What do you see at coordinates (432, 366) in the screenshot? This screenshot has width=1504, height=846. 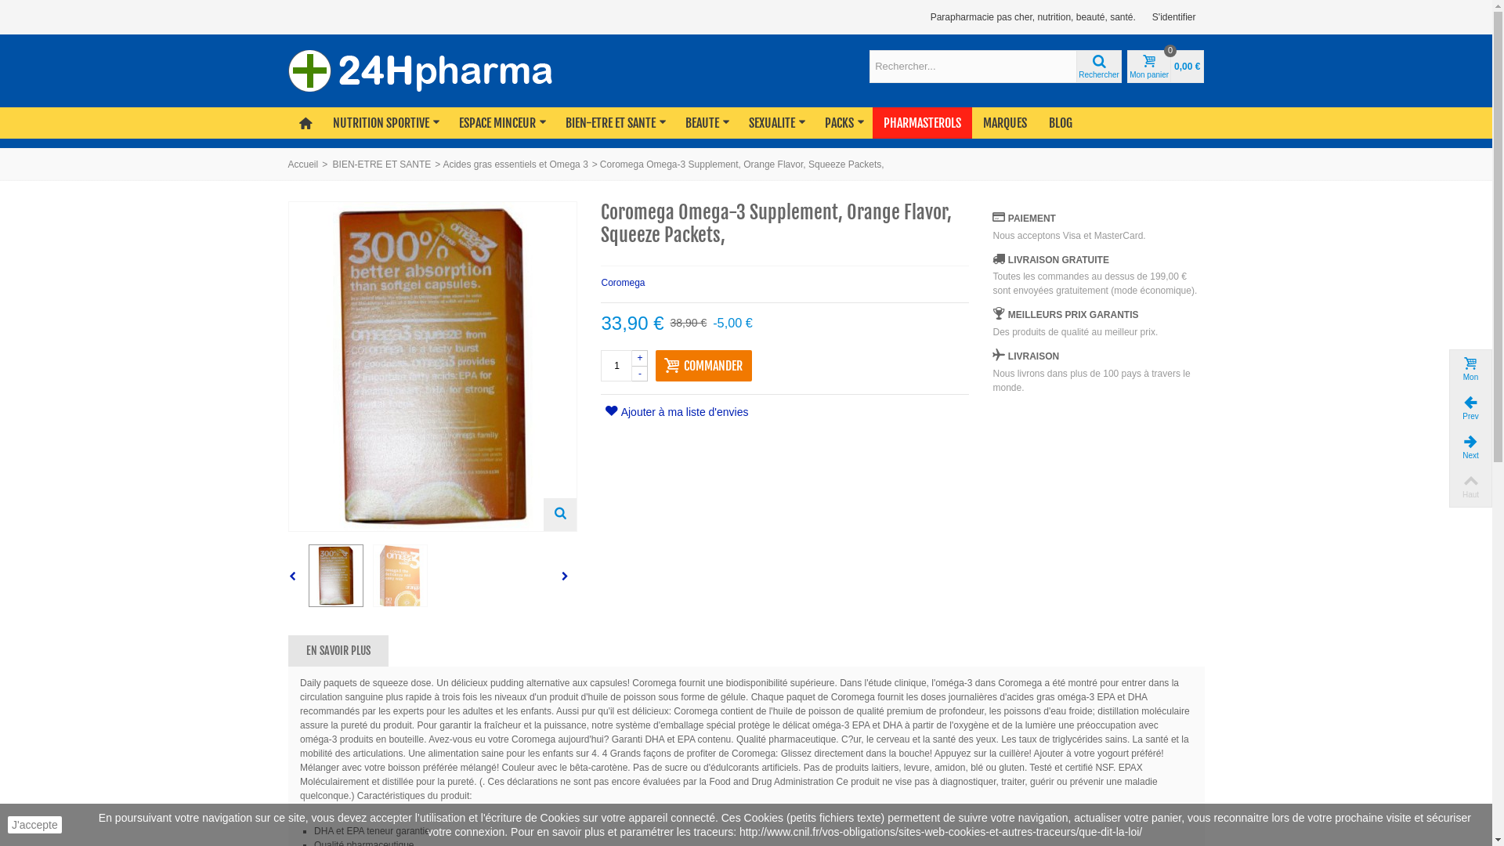 I see `'Coromega Omega-3 Supplement, Orange Flavor, Squeeze Packets,'` at bounding box center [432, 366].